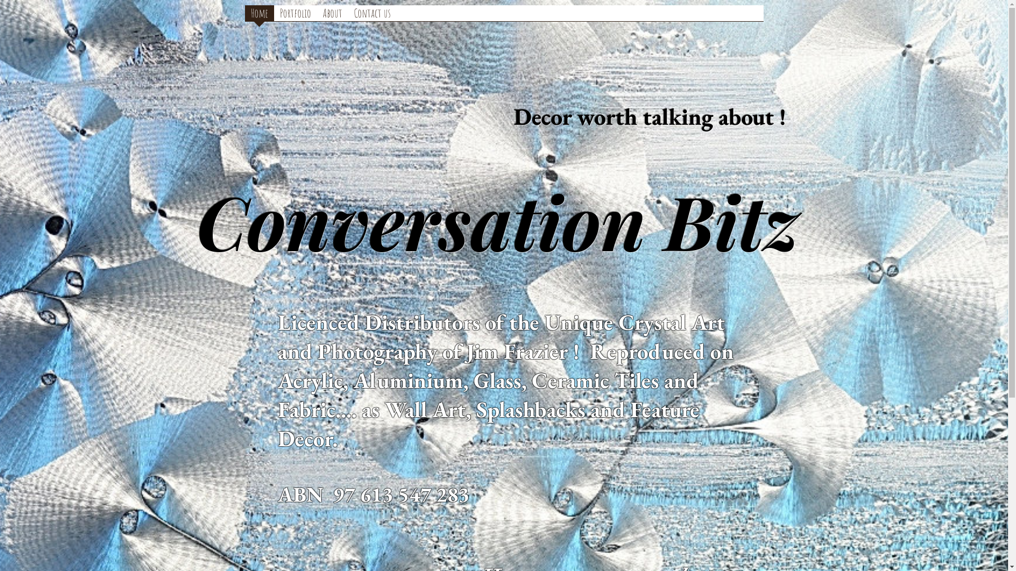  What do you see at coordinates (259, 14) in the screenshot?
I see `'Home'` at bounding box center [259, 14].